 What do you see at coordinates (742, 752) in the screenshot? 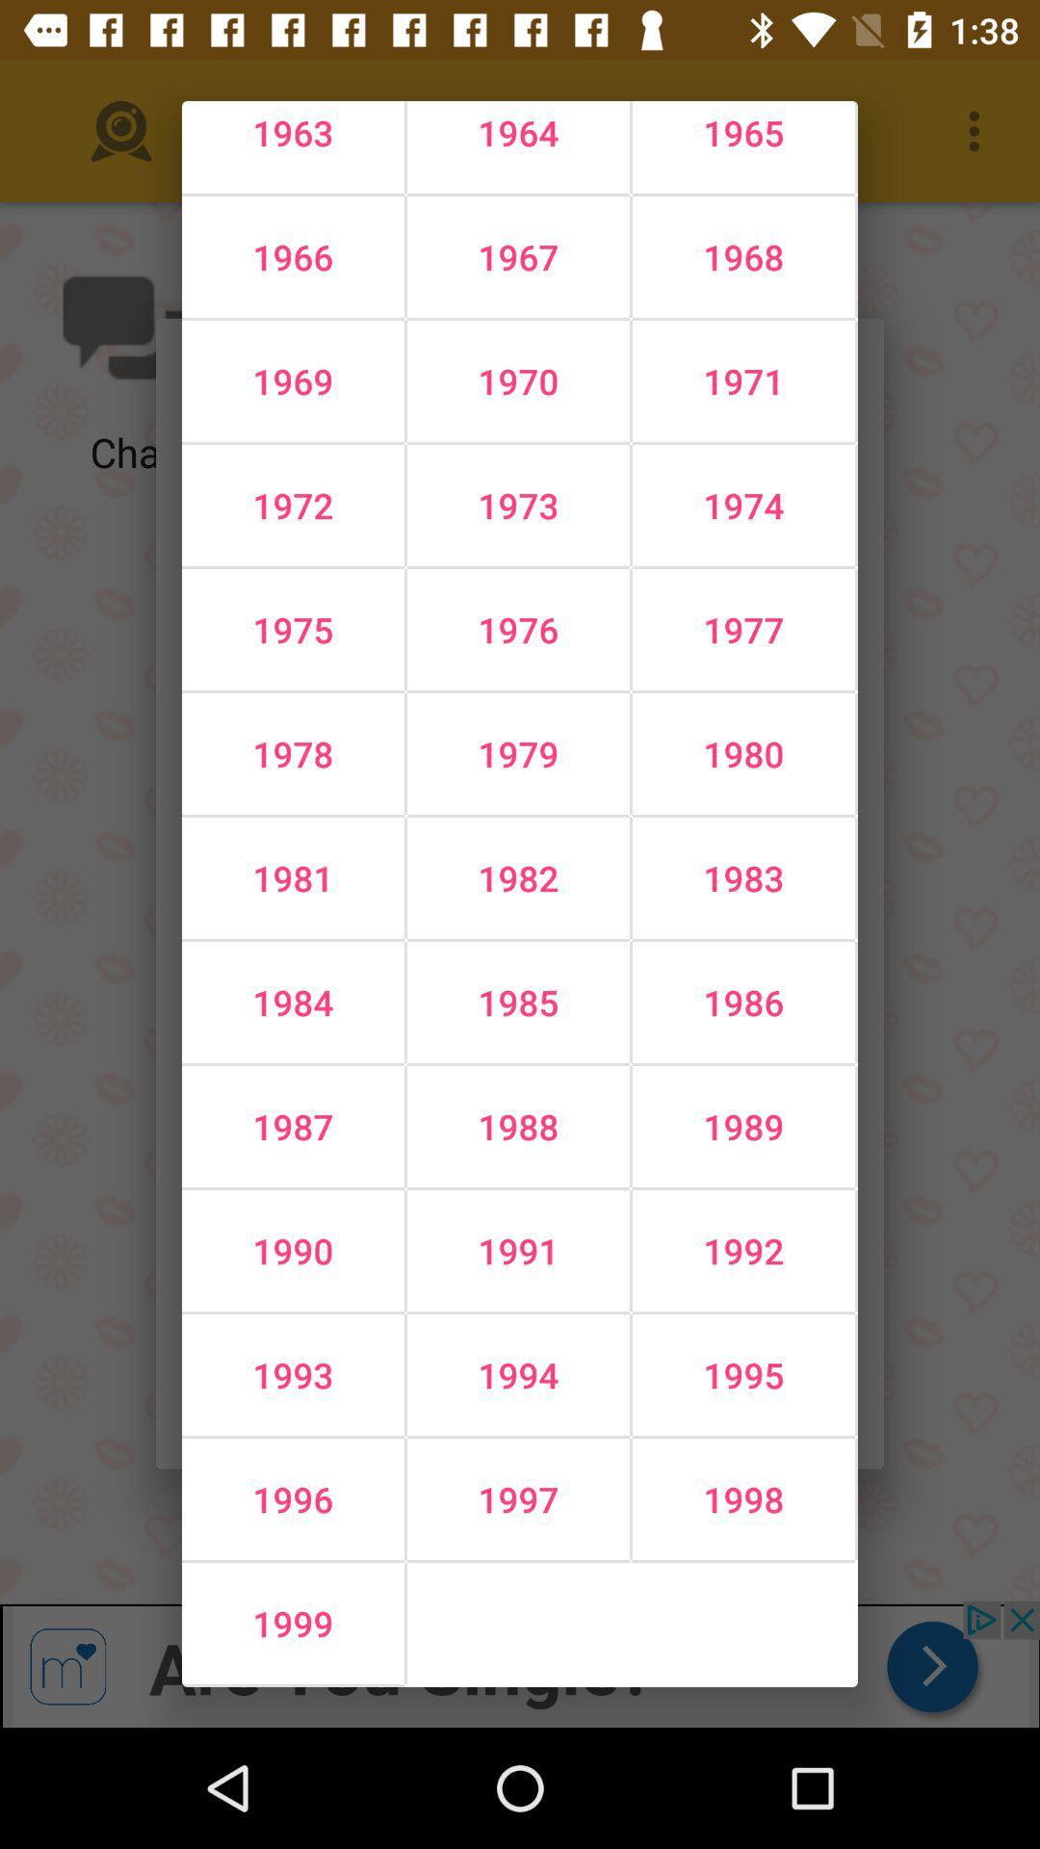
I see `the icon to the right of the 1976 icon` at bounding box center [742, 752].